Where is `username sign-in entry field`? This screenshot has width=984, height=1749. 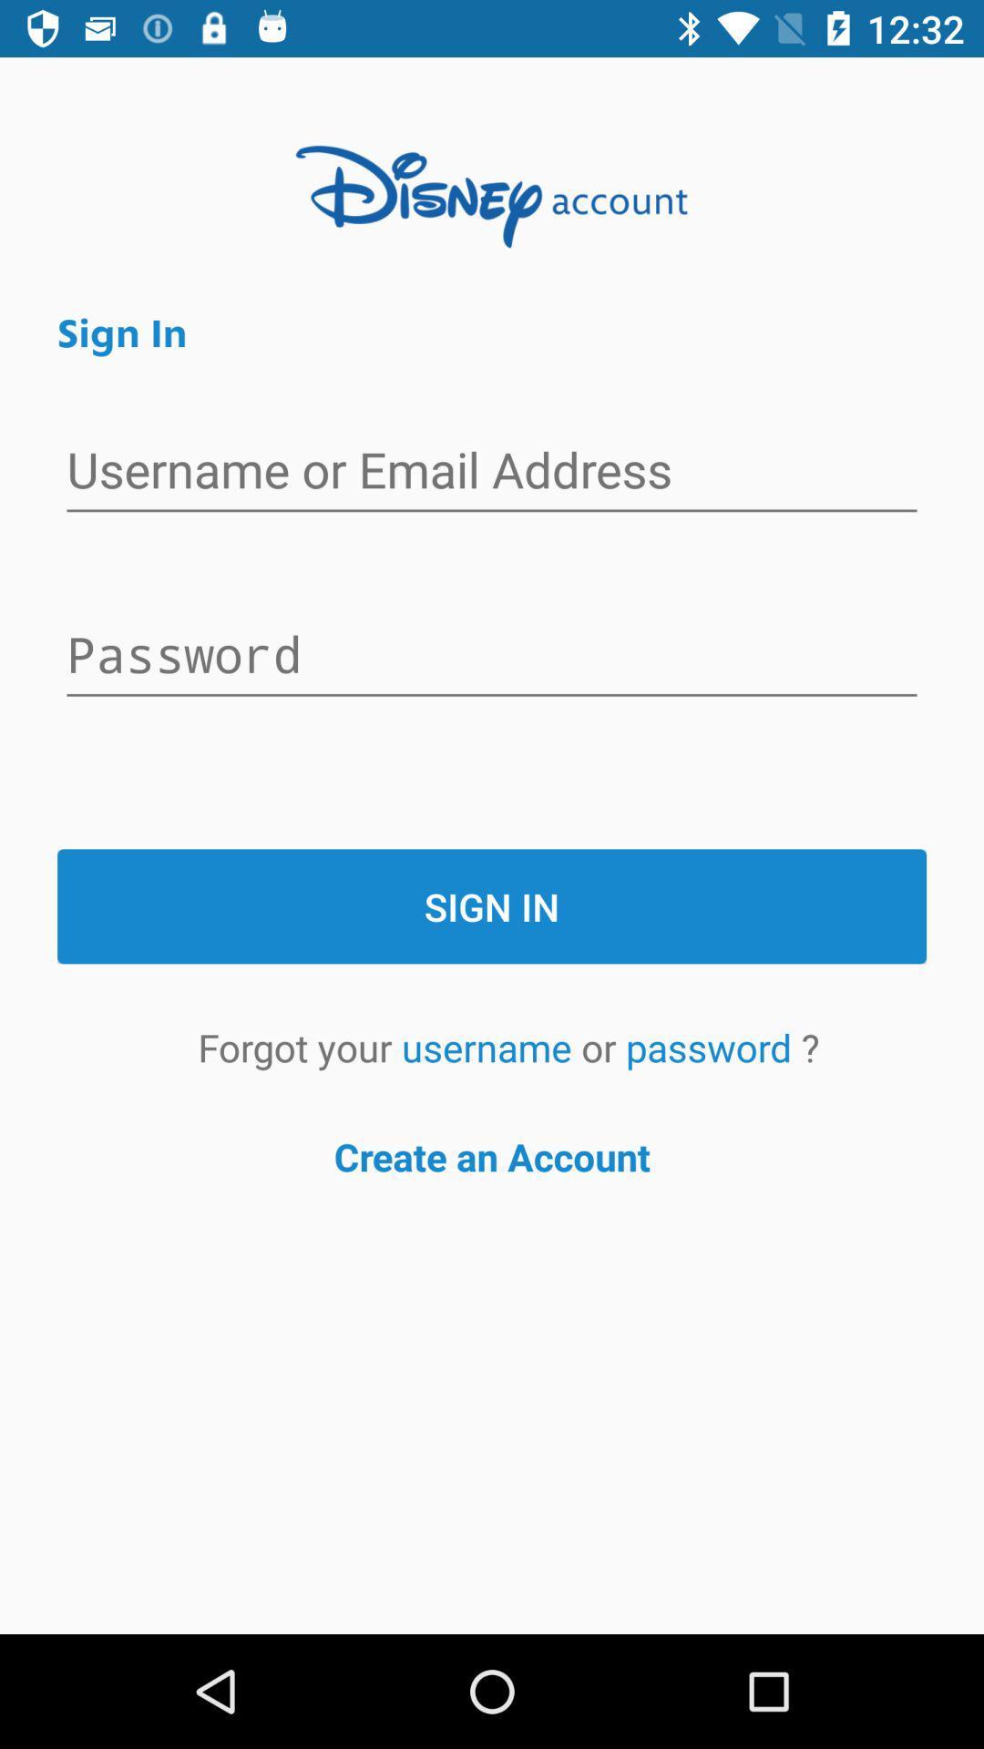
username sign-in entry field is located at coordinates (492, 472).